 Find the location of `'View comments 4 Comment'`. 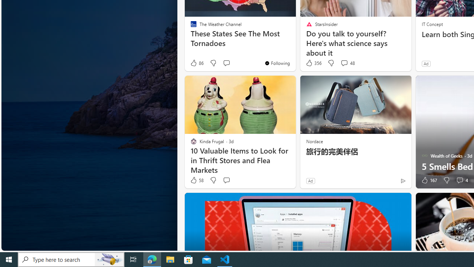

'View comments 4 Comment' is located at coordinates (461, 180).